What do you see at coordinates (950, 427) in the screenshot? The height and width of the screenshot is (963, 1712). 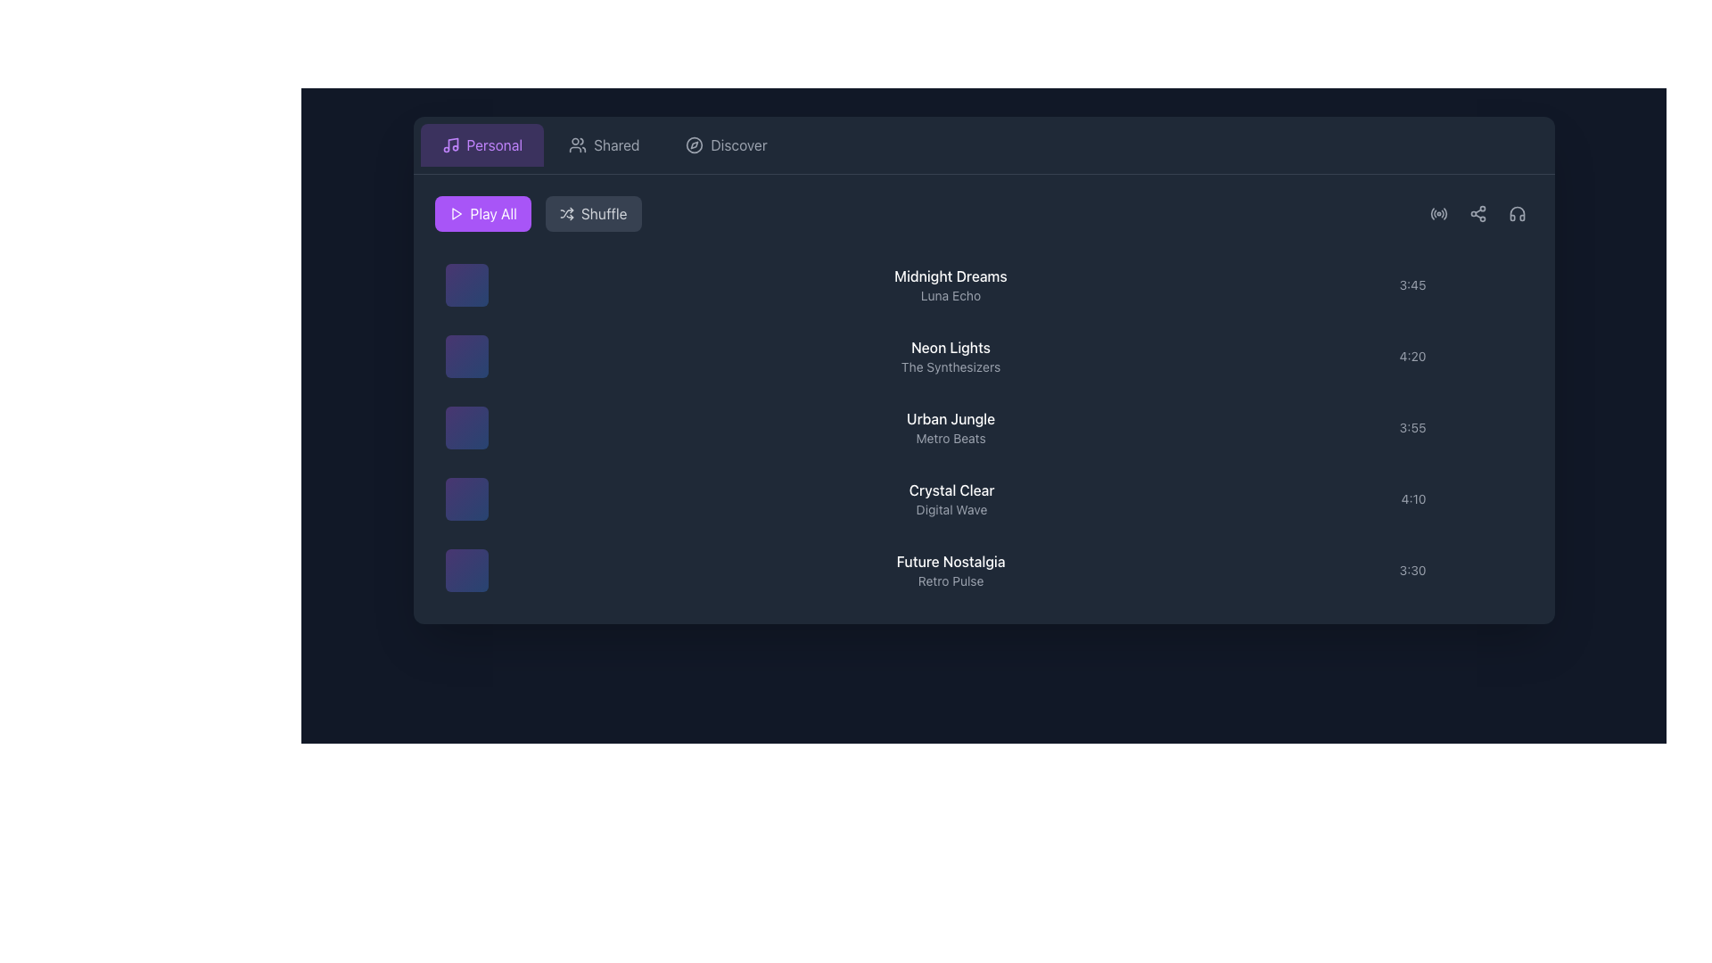 I see `the third text block in the song list interface, which displays the song title and artist, positioned between 'Neon Lights - The Synthesizers' and 'Crystal Clear - Digital Wave.'` at bounding box center [950, 427].